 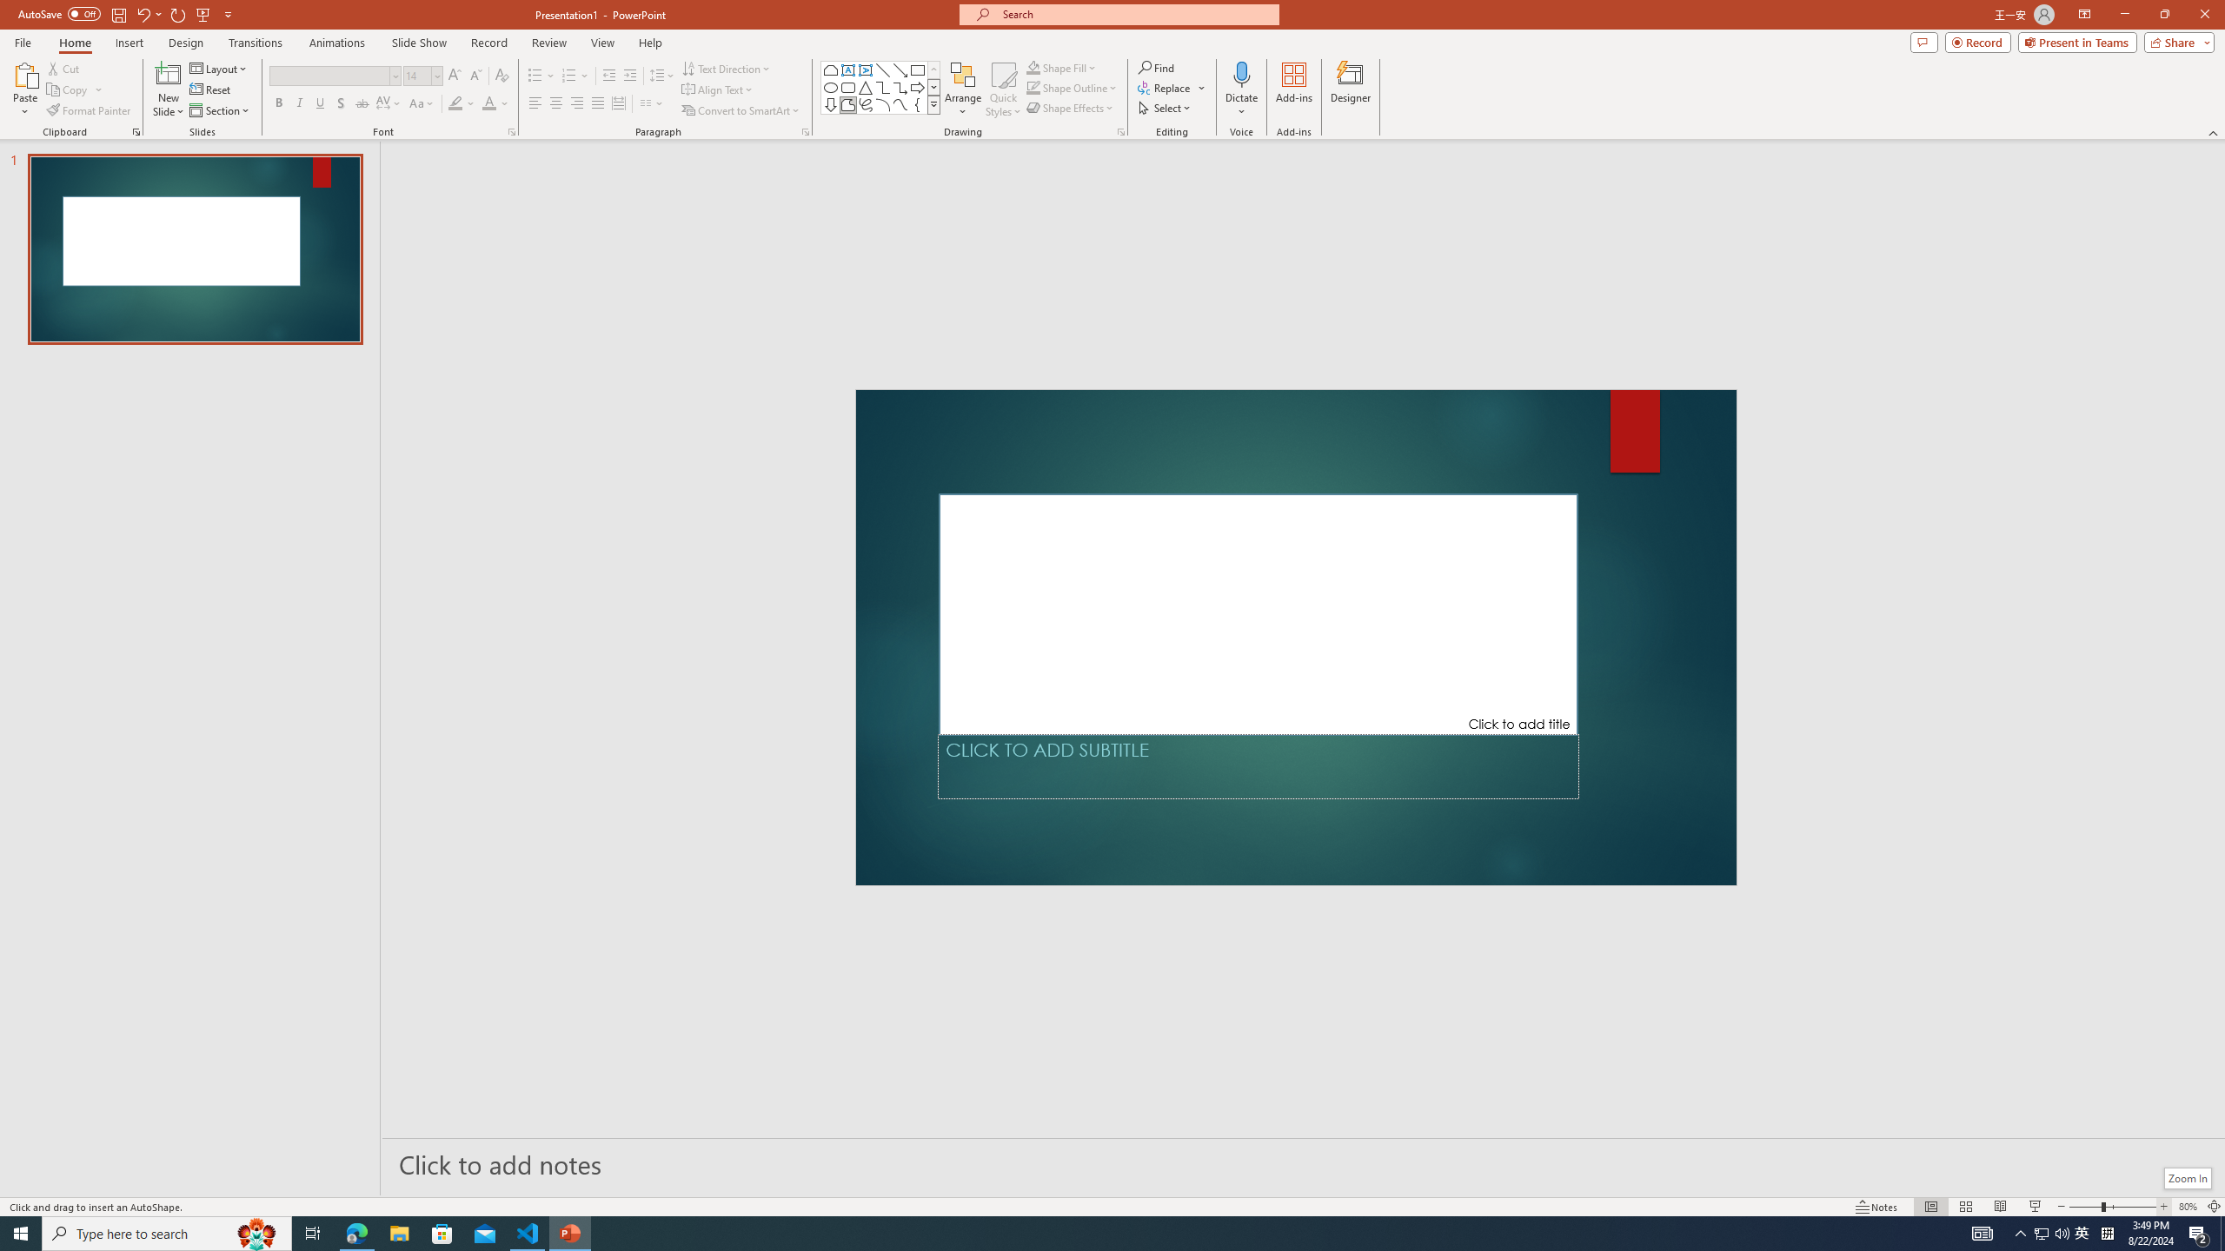 What do you see at coordinates (2187, 1207) in the screenshot?
I see `'Zoom 80%'` at bounding box center [2187, 1207].